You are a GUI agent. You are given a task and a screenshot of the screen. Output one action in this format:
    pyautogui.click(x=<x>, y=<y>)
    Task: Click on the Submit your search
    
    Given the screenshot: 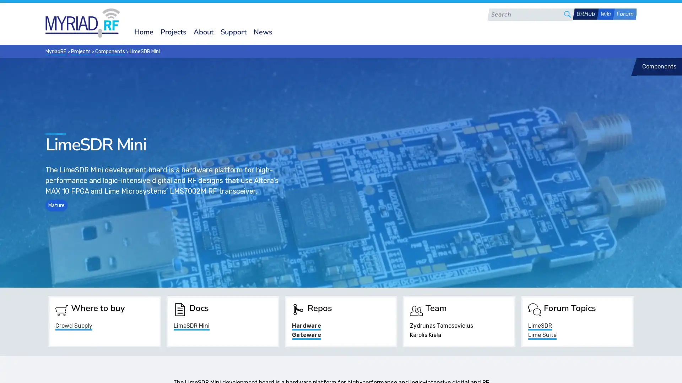 What is the action you would take?
    pyautogui.click(x=567, y=14)
    